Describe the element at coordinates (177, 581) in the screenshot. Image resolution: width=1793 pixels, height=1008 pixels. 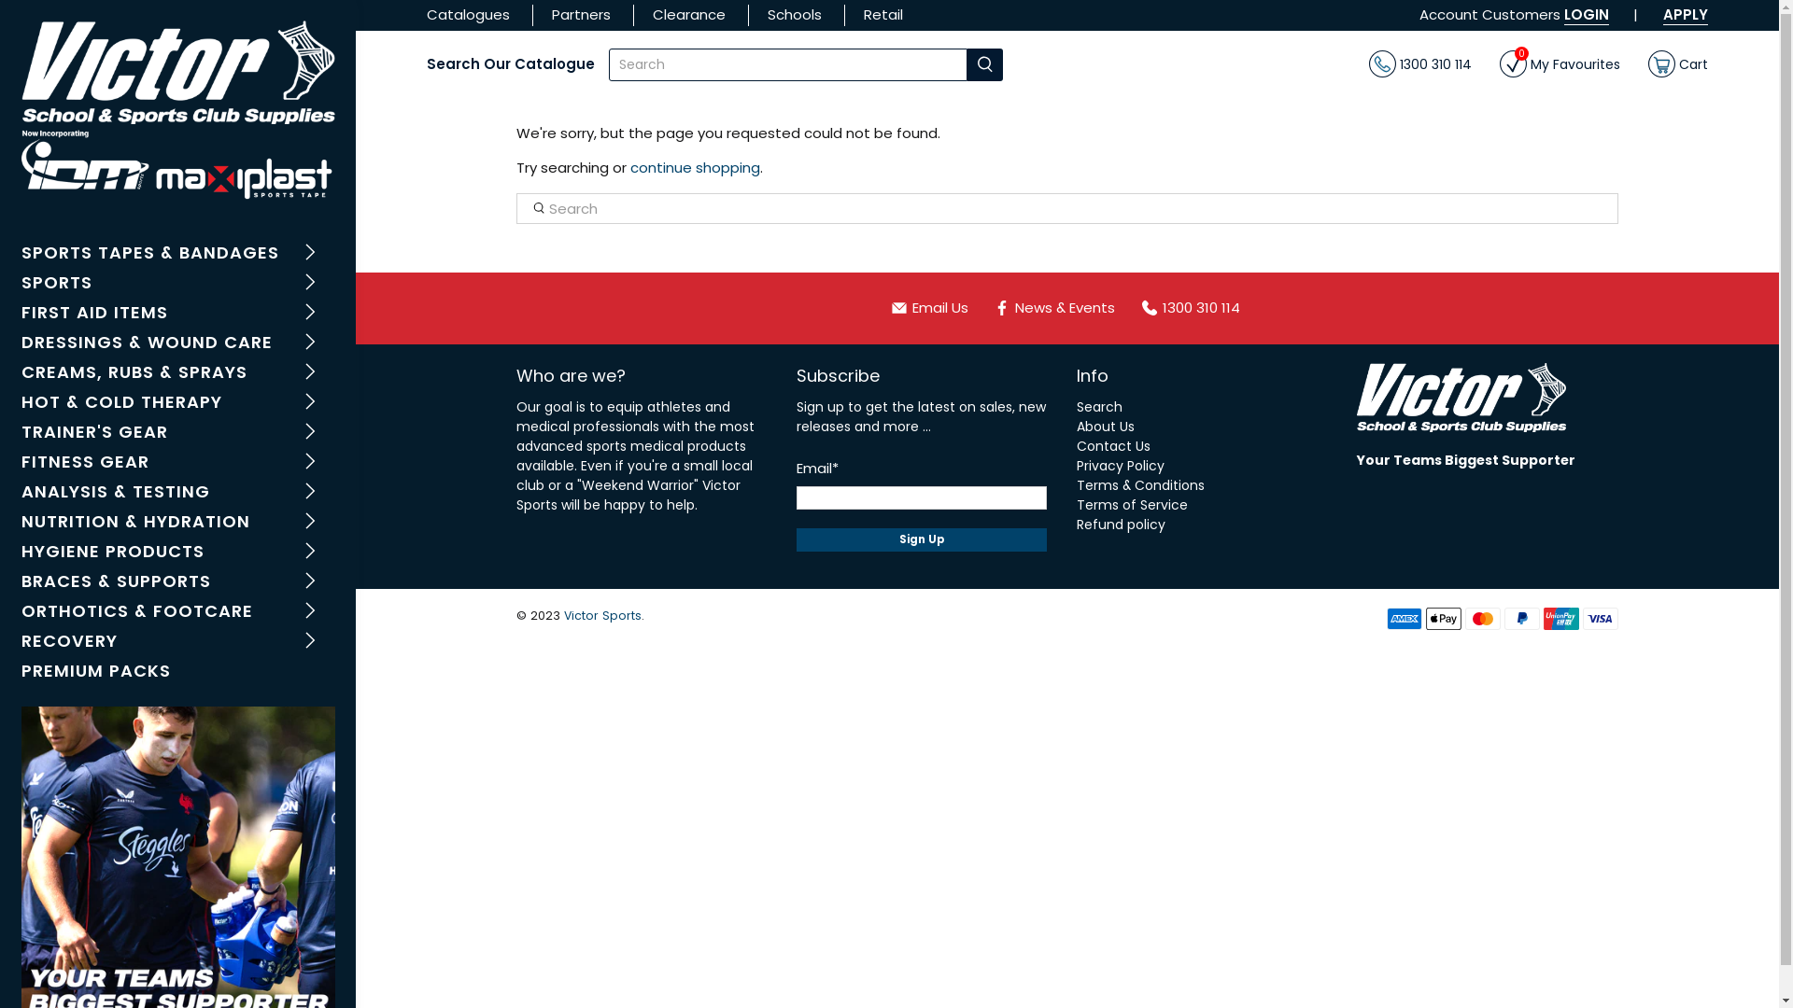
I see `'BRACES & SUPPORTS'` at that location.